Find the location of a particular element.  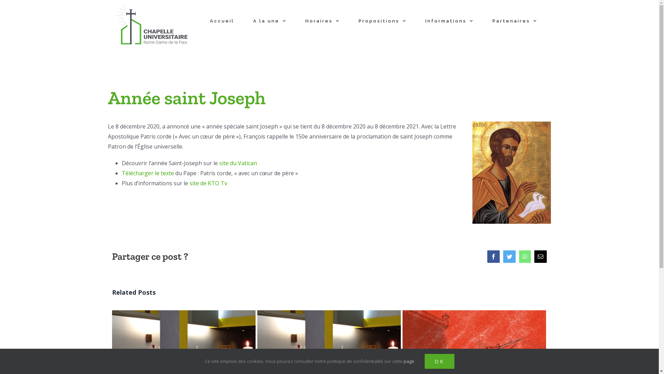

'Informations' is located at coordinates (449, 20).